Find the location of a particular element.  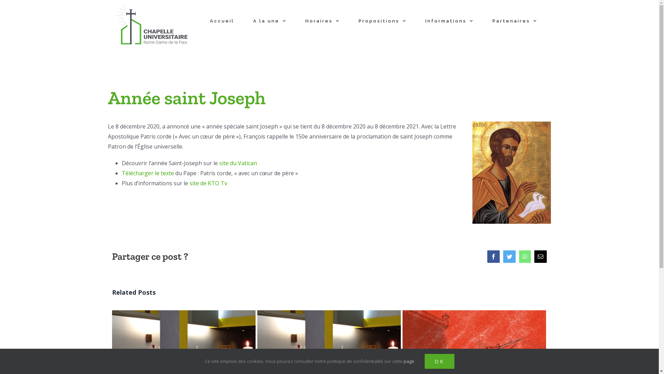

'Informations' is located at coordinates (449, 20).